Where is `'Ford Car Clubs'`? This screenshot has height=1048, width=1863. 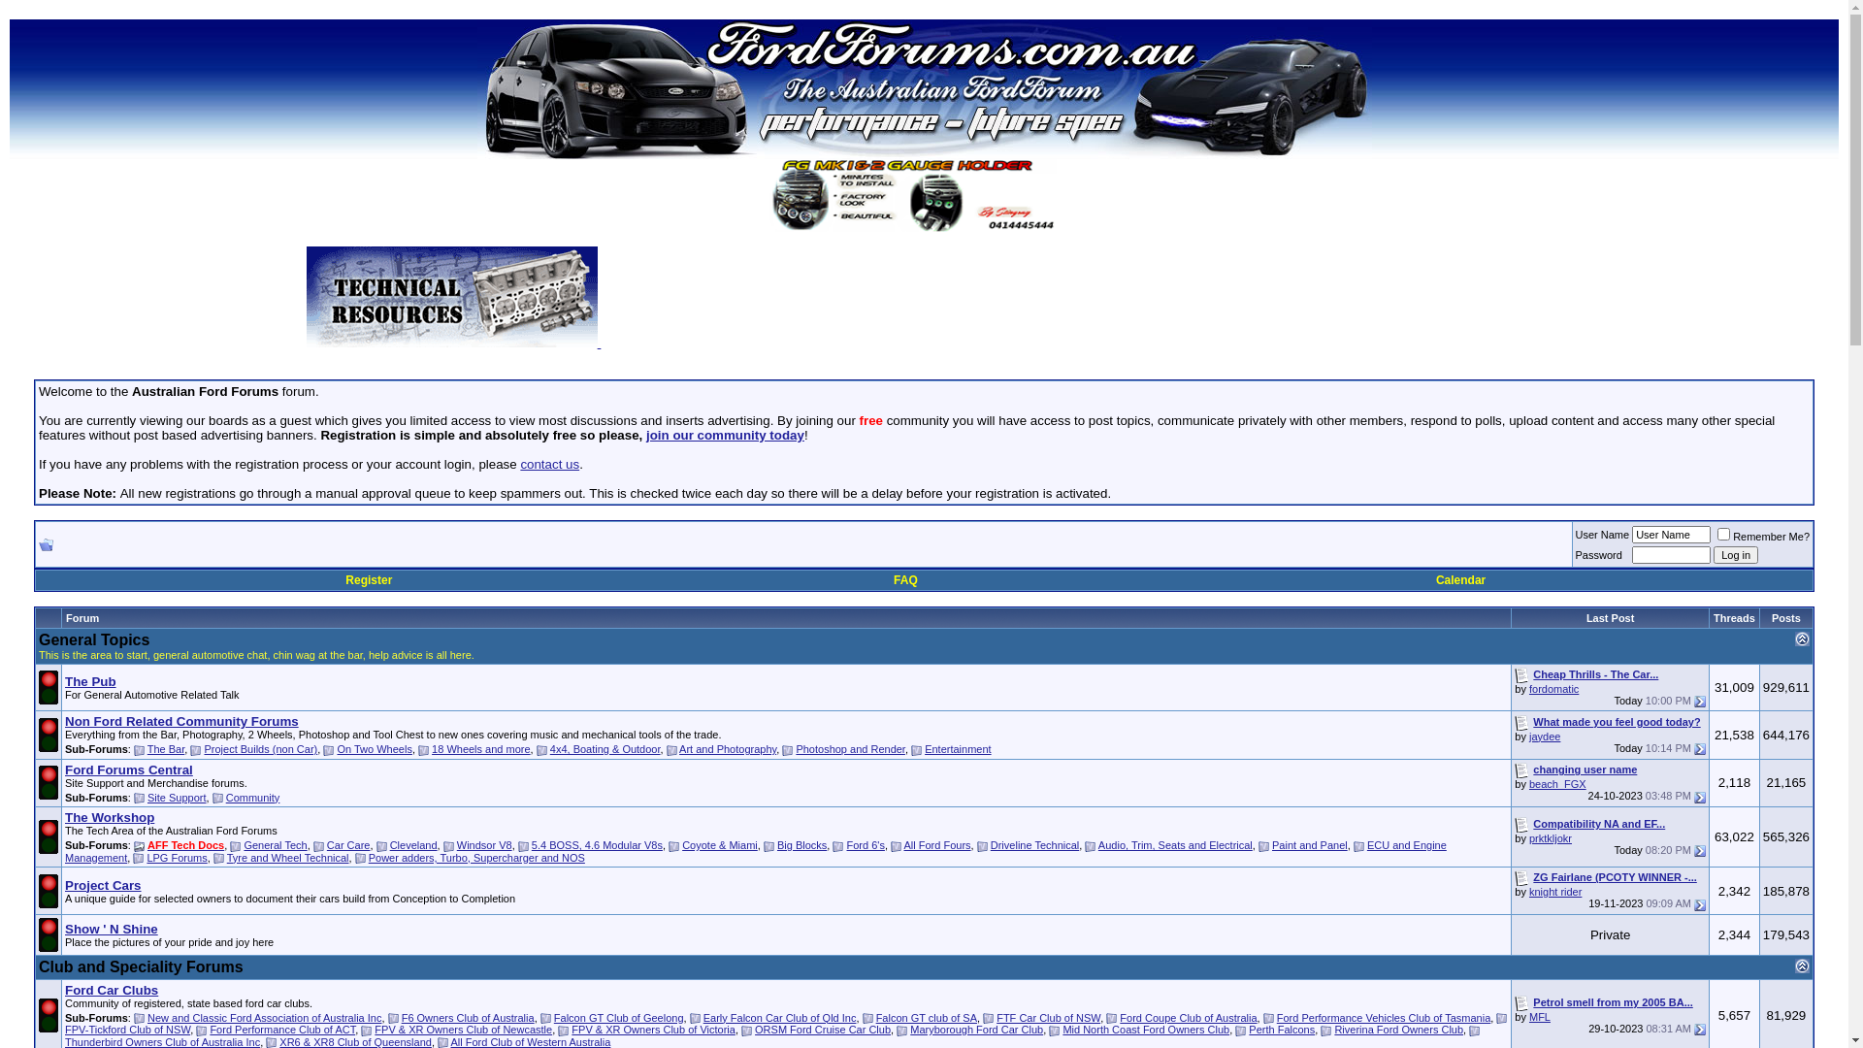 'Ford Car Clubs' is located at coordinates (111, 990).